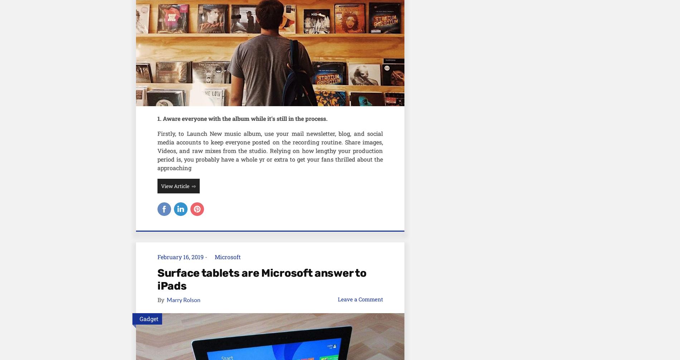  What do you see at coordinates (206, 256) in the screenshot?
I see `'-'` at bounding box center [206, 256].